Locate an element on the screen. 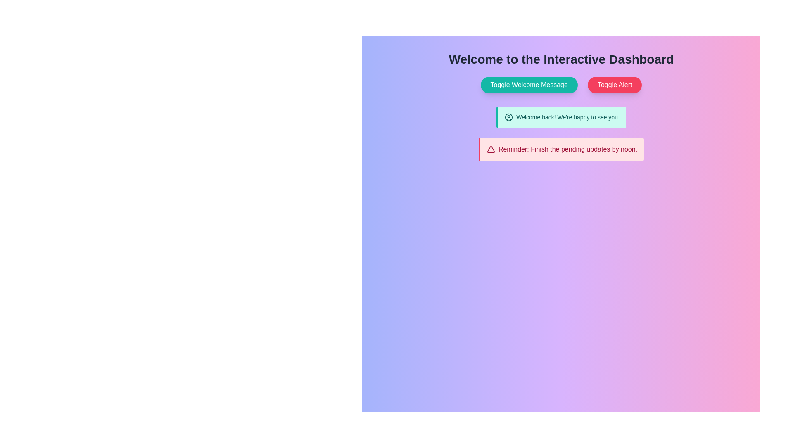 The width and height of the screenshot is (793, 446). welcoming header text located at the upper center of the dashboard, which serves as the title for the interface is located at coordinates (561, 59).